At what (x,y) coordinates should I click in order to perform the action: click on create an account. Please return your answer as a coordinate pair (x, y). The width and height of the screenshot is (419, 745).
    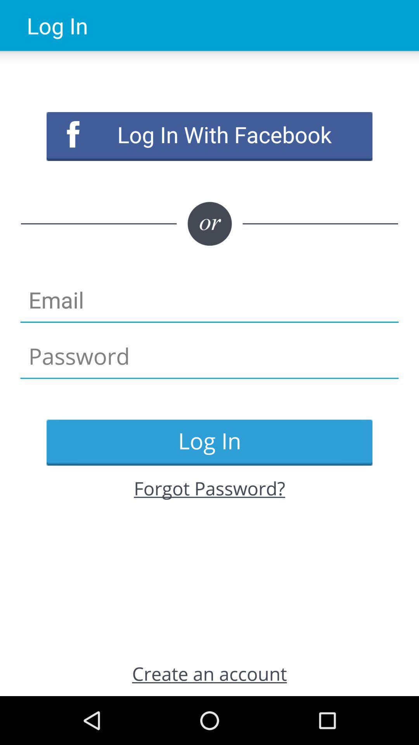
    Looking at the image, I should click on (209, 673).